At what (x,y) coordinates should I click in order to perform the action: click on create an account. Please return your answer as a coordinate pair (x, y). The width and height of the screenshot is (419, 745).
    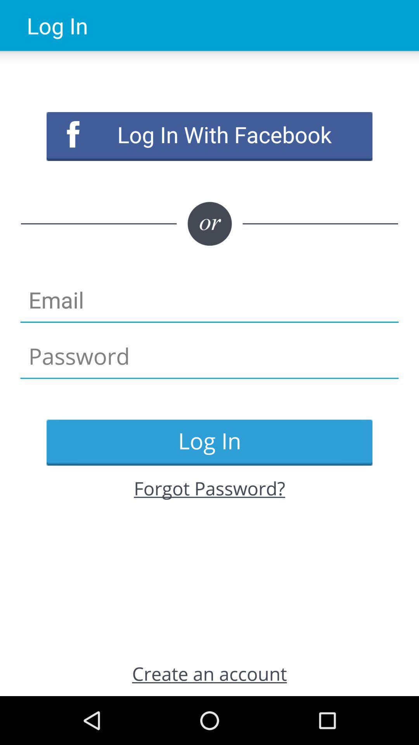
    Looking at the image, I should click on (209, 673).